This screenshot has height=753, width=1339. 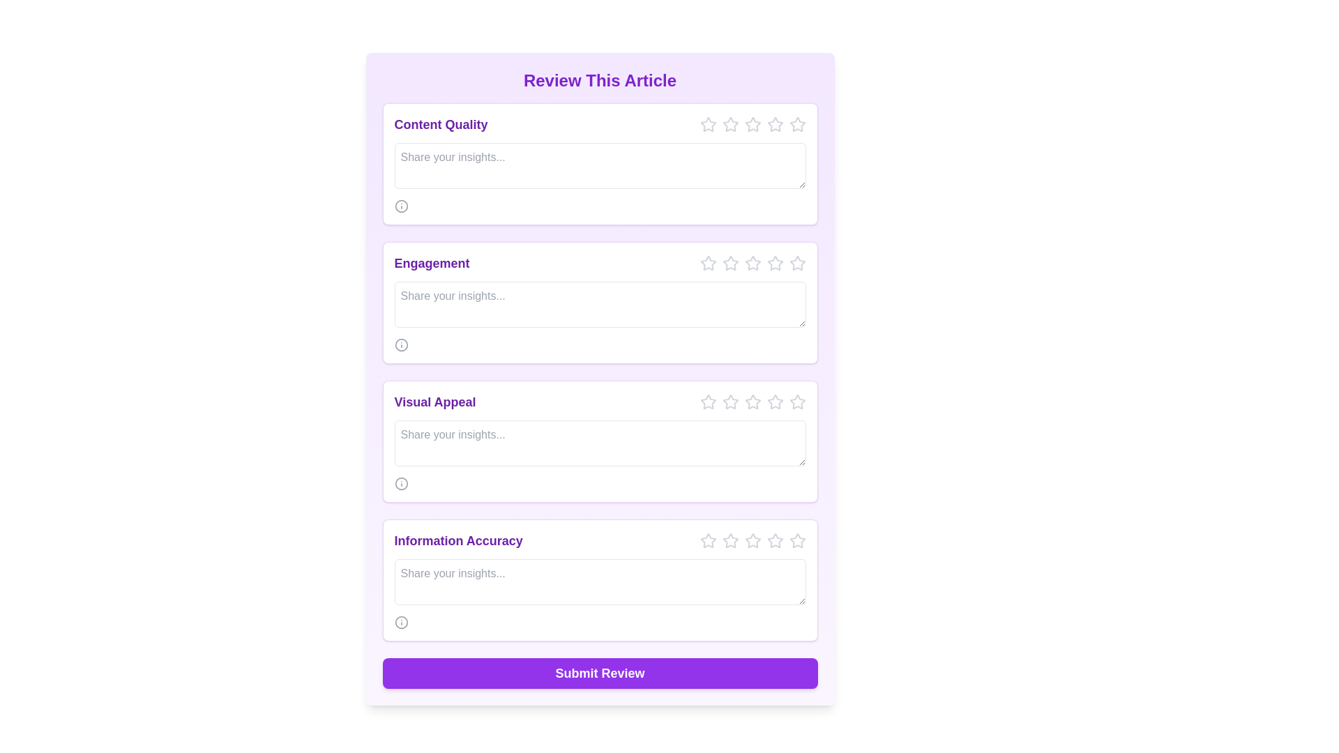 I want to click on the information icon located beneath the 'Content Quality' section header, which features a circular outer boundary and a central vertical line, to gather information, so click(x=400, y=206).